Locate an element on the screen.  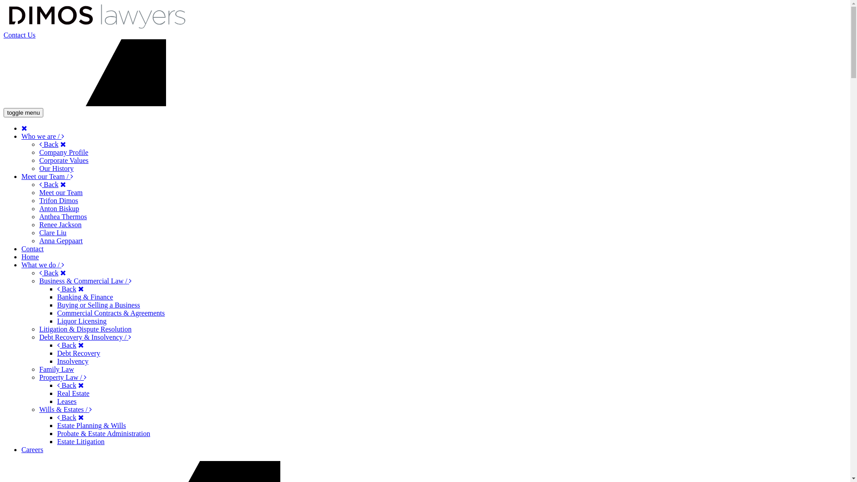
'Contact Us' is located at coordinates (19, 34).